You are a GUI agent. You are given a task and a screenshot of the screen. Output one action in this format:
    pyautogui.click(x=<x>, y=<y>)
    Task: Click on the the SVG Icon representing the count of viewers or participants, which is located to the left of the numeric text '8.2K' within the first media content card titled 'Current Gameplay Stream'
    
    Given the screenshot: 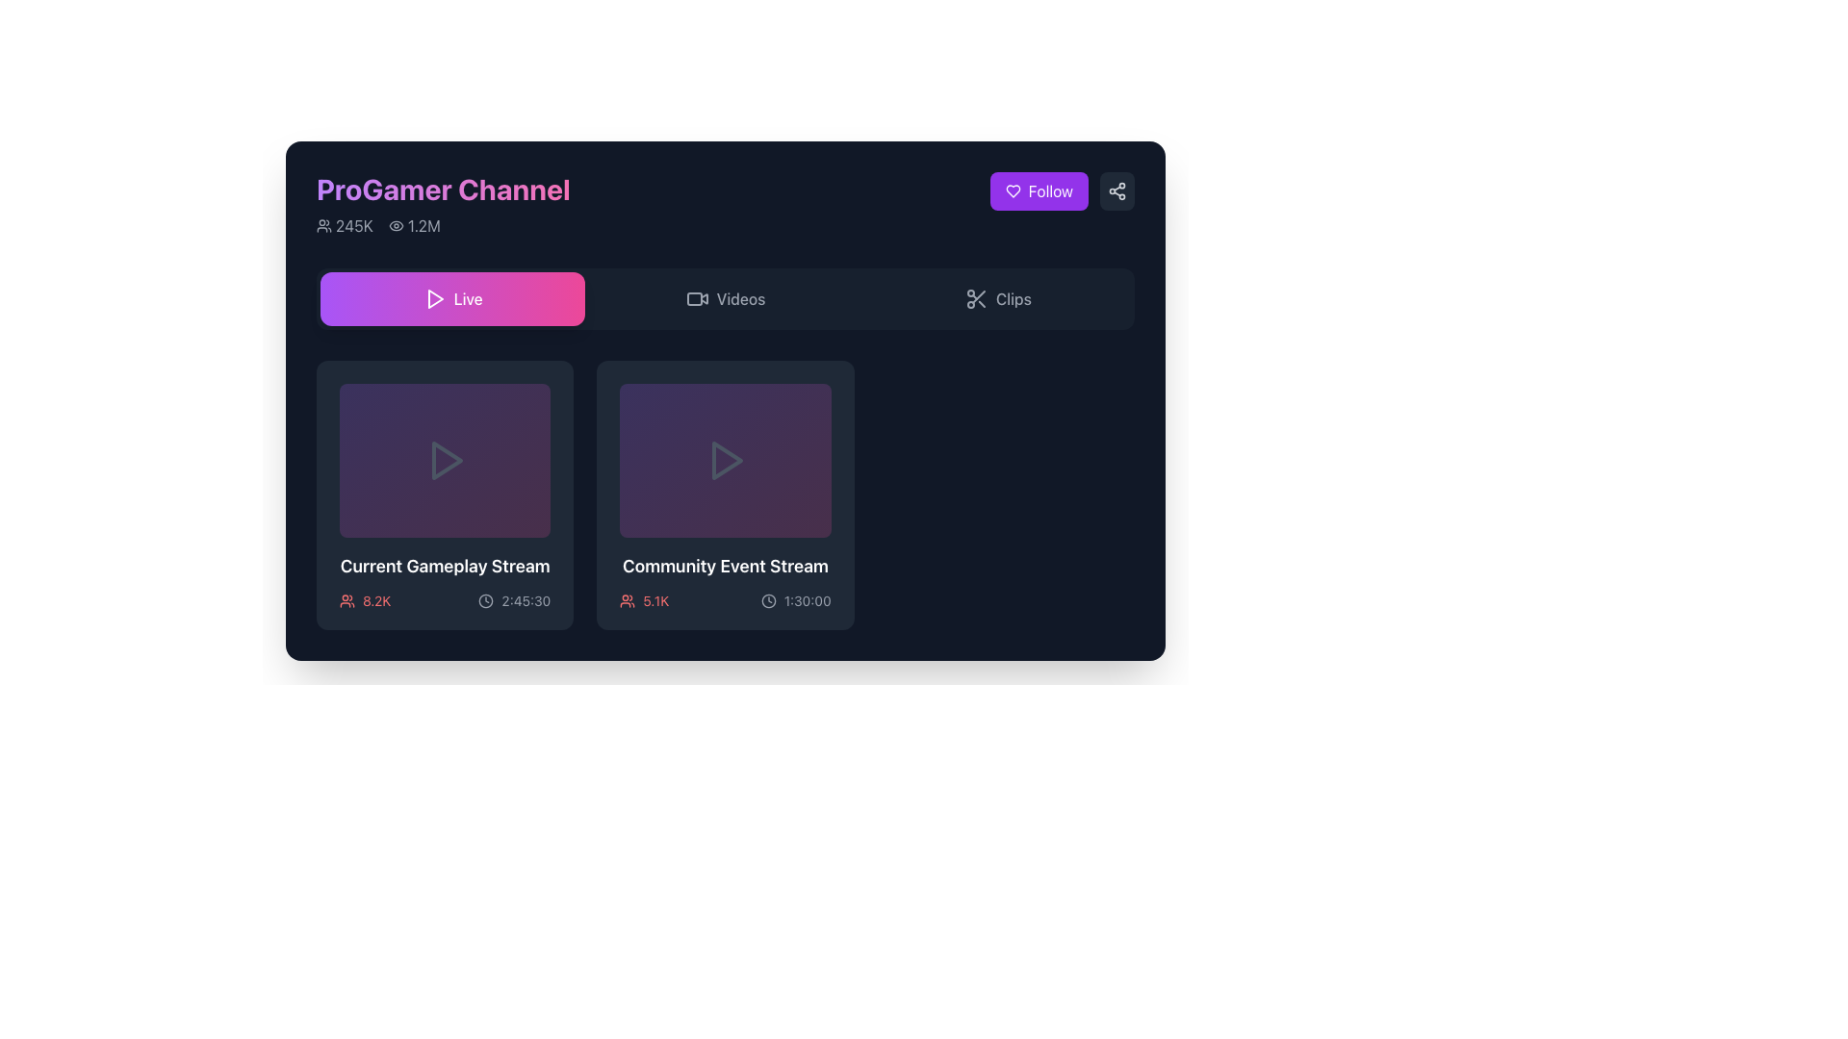 What is the action you would take?
    pyautogui.click(x=346, y=599)
    